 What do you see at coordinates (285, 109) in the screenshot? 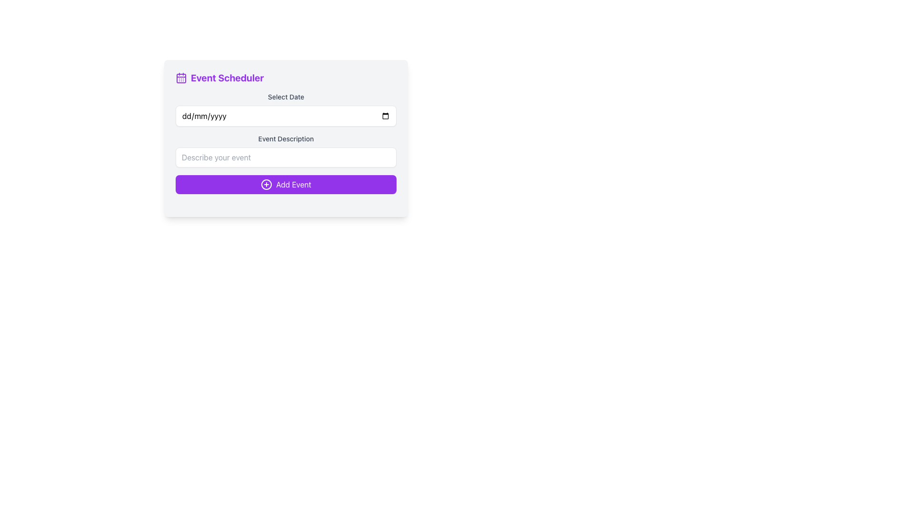
I see `the 'Select Date' input field, which is a rounded date input box positioned below the 'Event Scheduler' title and above the 'Event Description' input field` at bounding box center [285, 109].